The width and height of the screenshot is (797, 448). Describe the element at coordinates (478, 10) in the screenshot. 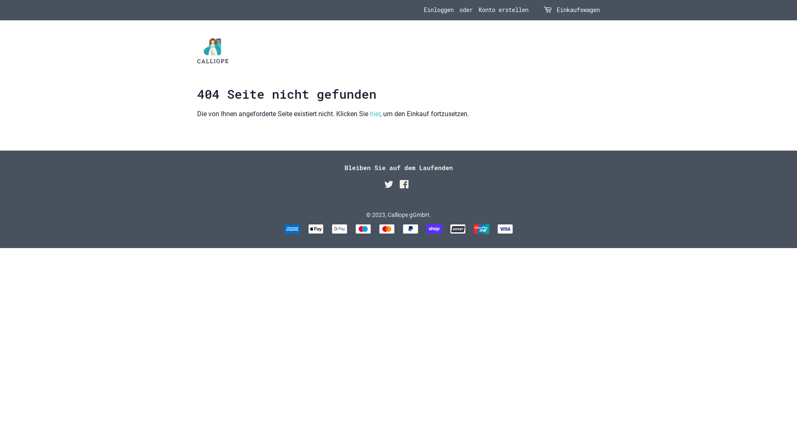

I see `'Konto erstellen'` at that location.